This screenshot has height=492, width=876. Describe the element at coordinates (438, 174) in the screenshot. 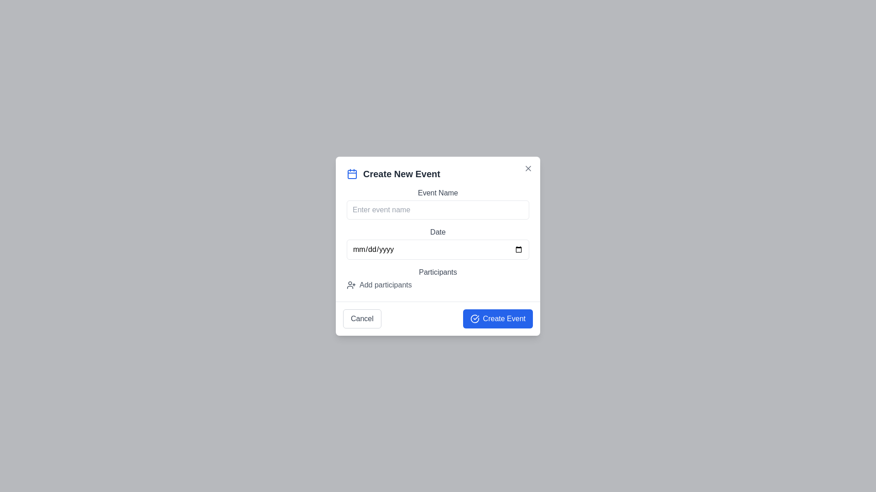

I see `the static label indicating the purpose of the form to create a new event, which is located at the top of the form layout above the event name and date selection fields` at that location.